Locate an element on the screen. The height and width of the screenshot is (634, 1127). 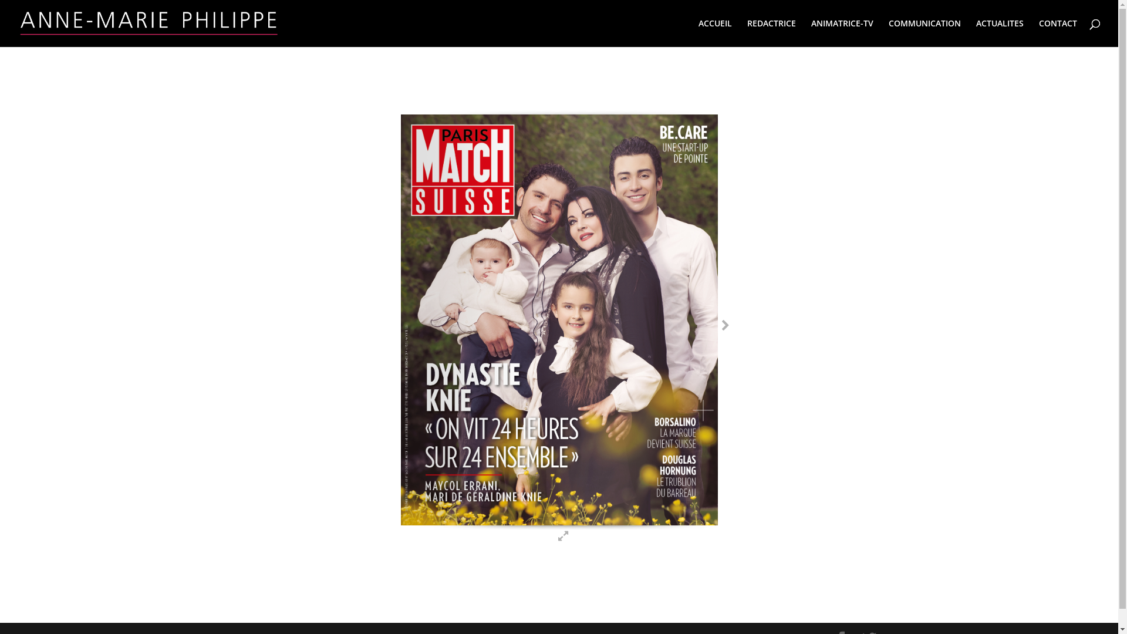
'COMMUNICATION' is located at coordinates (924, 32).